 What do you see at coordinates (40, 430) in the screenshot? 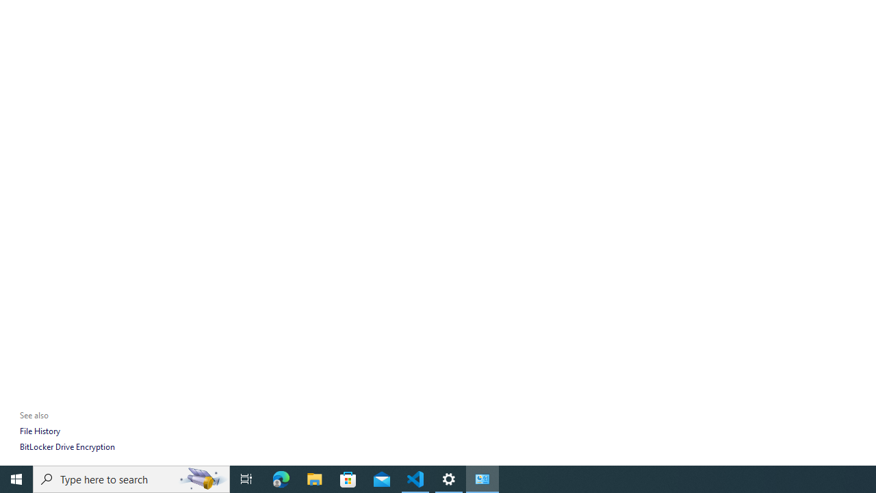
I see `'File History'` at bounding box center [40, 430].